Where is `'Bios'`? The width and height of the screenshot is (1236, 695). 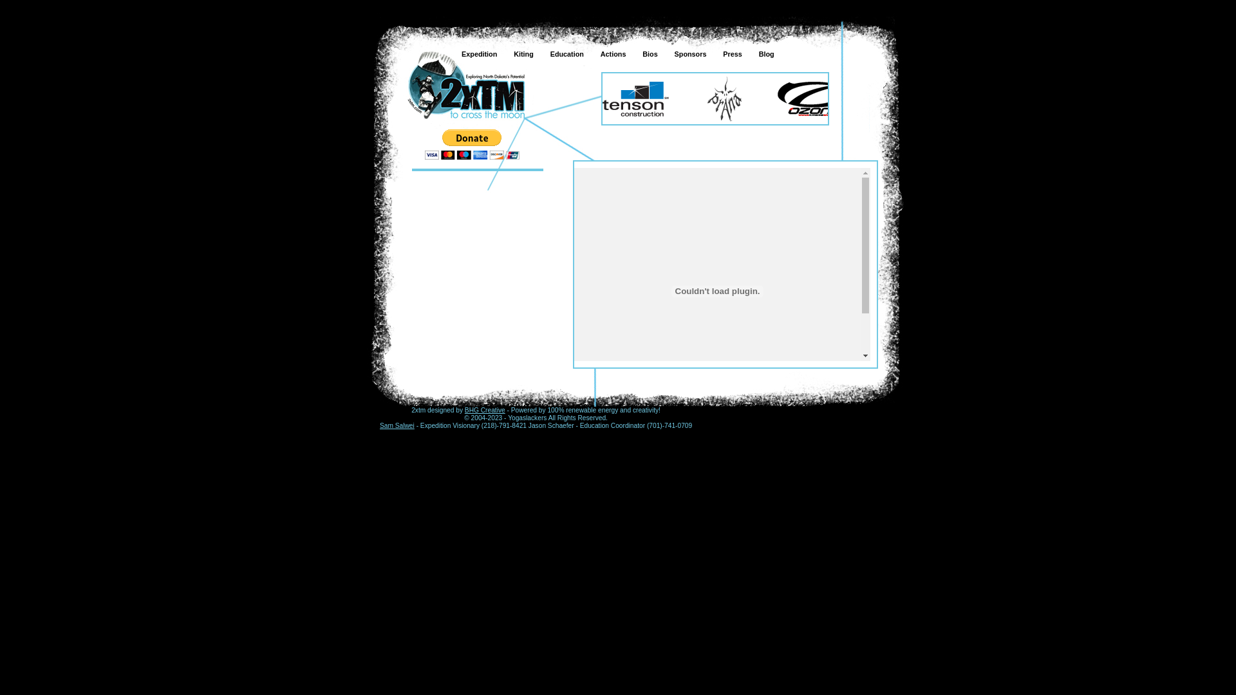 'Bios' is located at coordinates (648, 53).